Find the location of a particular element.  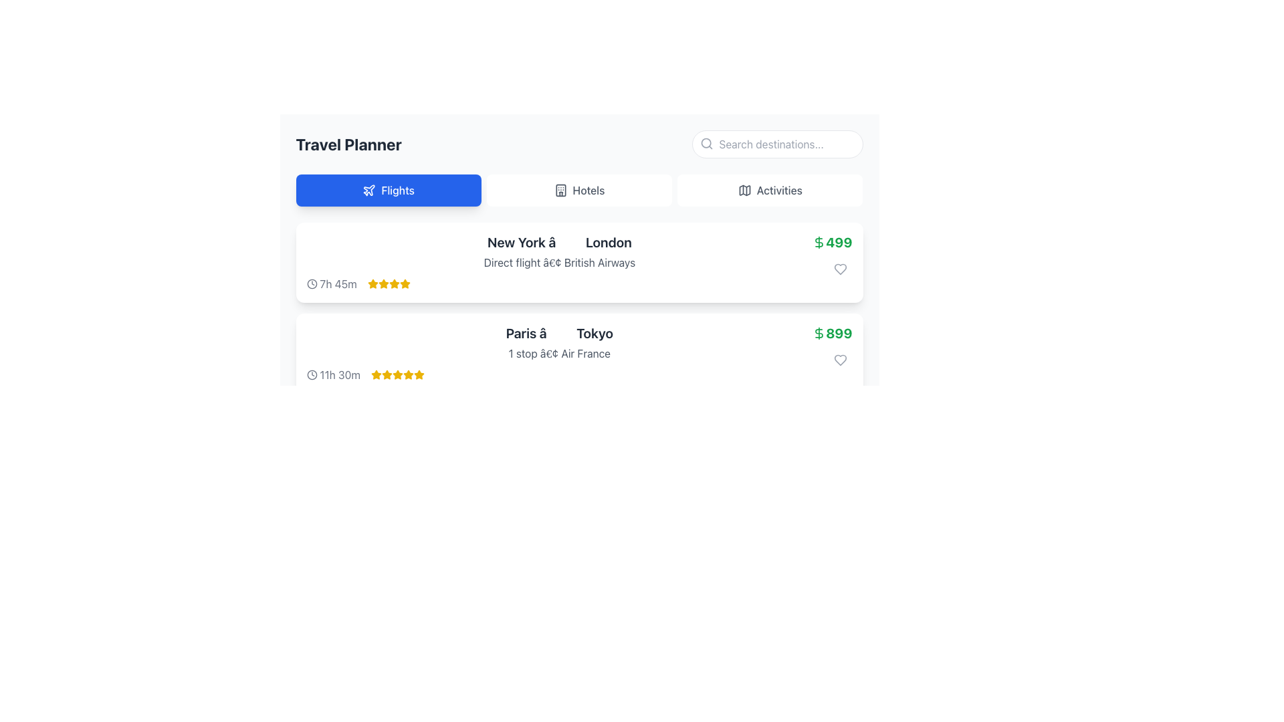

the 'Hotels' text label in the navigation bar, which is styled with a medium-weight font and is positioned between 'Flights' and 'Activities' is located at coordinates (588, 191).